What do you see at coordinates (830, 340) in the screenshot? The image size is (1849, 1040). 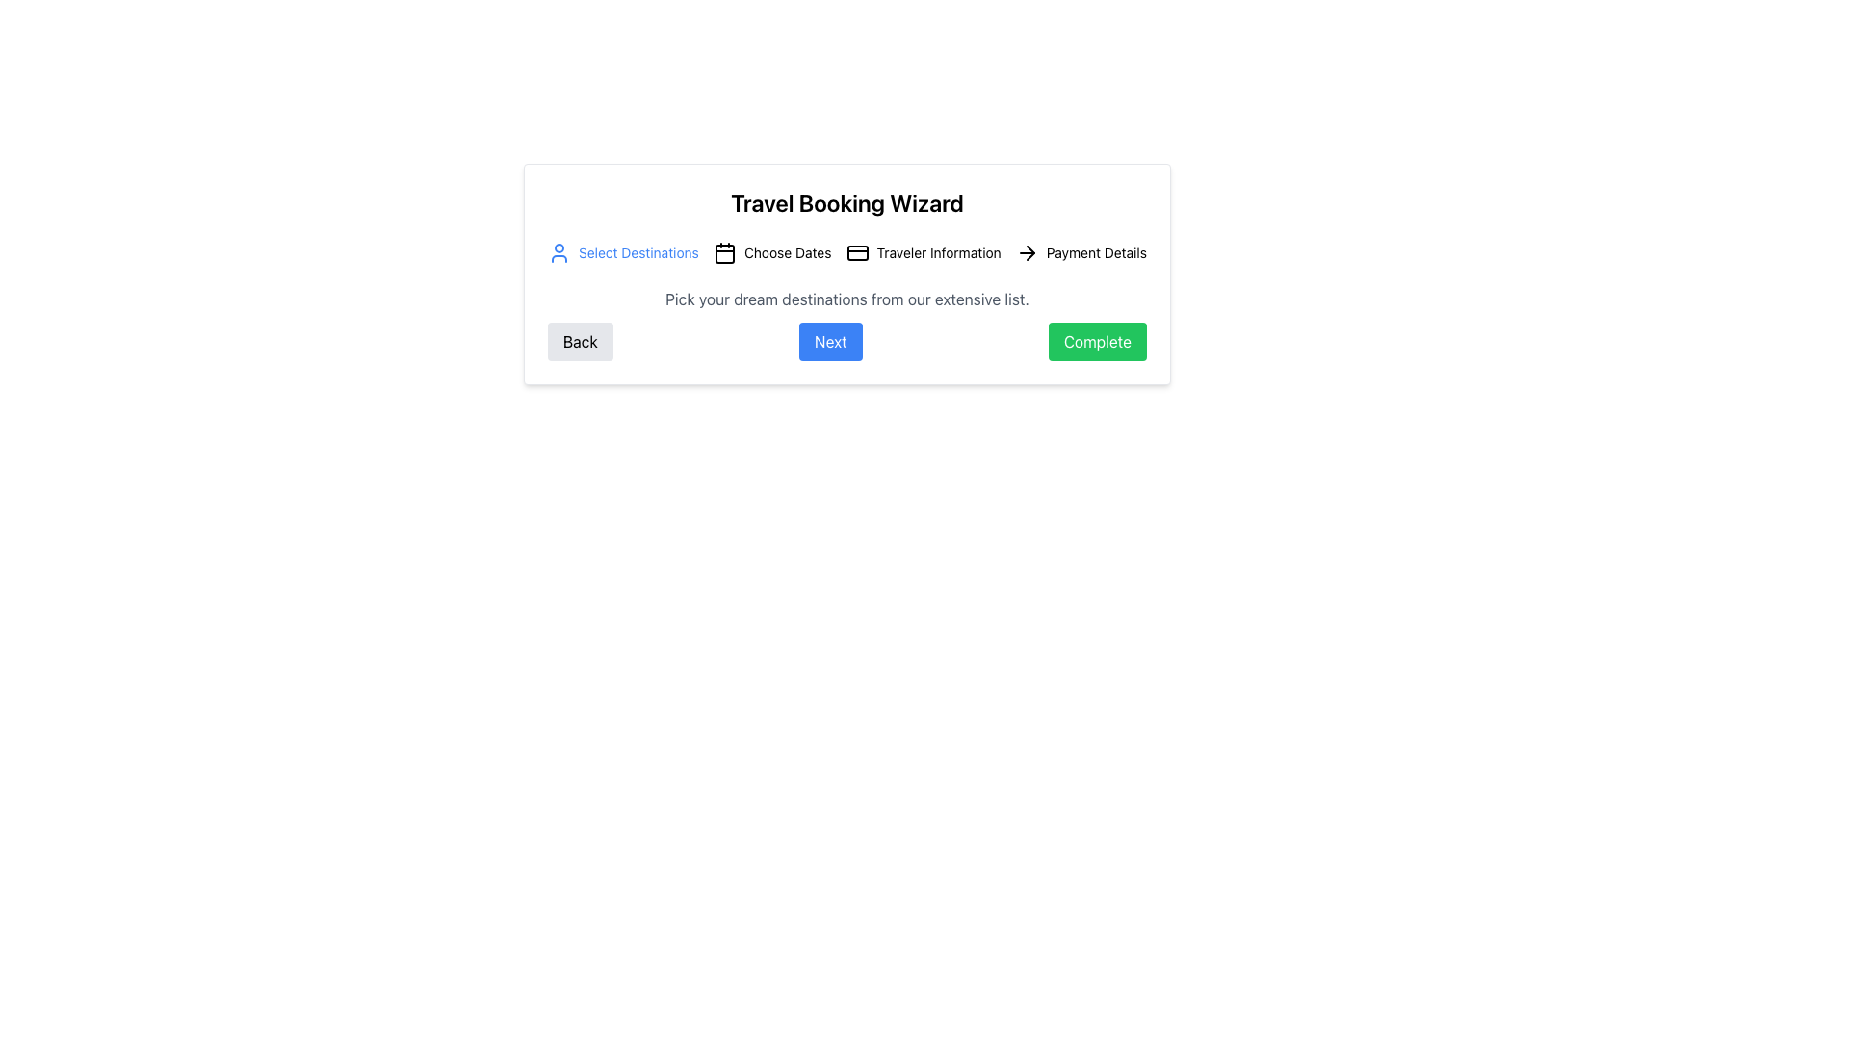 I see `the blue rectangular button labeled 'Next'` at bounding box center [830, 340].